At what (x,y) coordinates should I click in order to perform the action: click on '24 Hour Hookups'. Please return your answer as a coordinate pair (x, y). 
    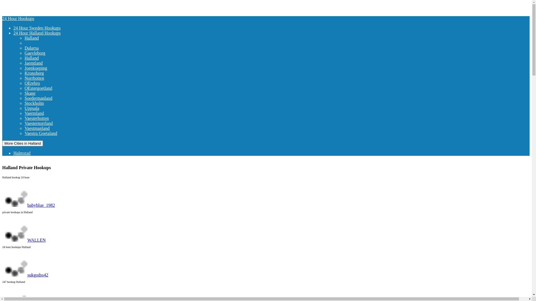
    Looking at the image, I should click on (18, 18).